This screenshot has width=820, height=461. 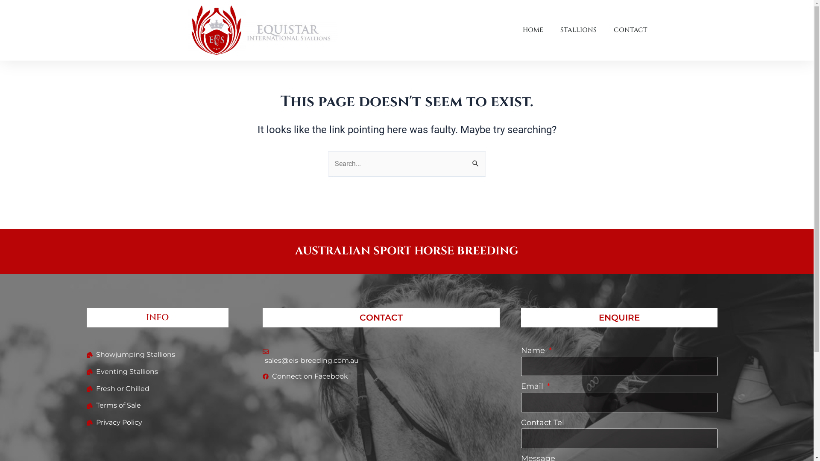 What do you see at coordinates (381, 358) in the screenshot?
I see `'sales@eis-breeding.com.au'` at bounding box center [381, 358].